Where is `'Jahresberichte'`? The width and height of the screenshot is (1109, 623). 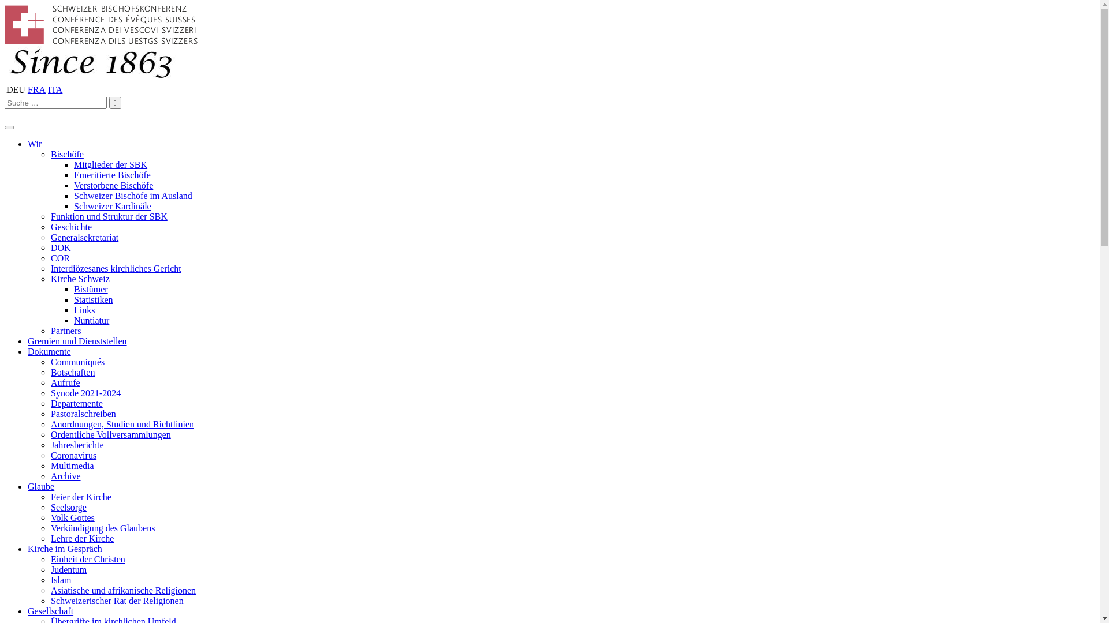 'Jahresberichte' is located at coordinates (77, 444).